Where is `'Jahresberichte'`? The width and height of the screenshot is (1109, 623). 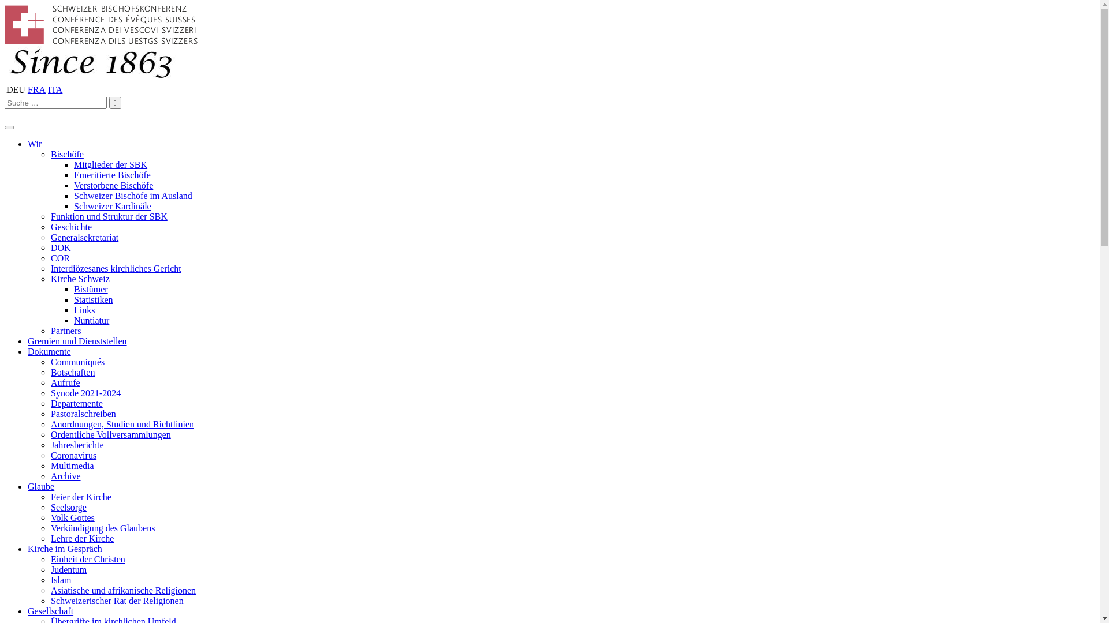 'Jahresberichte' is located at coordinates (77, 444).